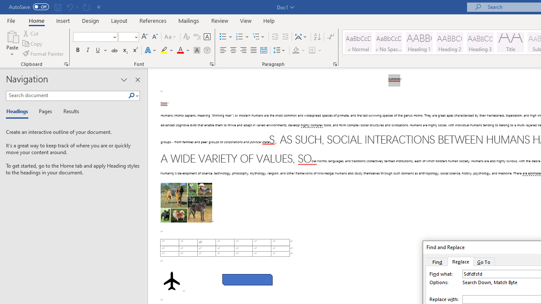 This screenshot has width=541, height=304. I want to click on 'Increase Indent', so click(285, 36).